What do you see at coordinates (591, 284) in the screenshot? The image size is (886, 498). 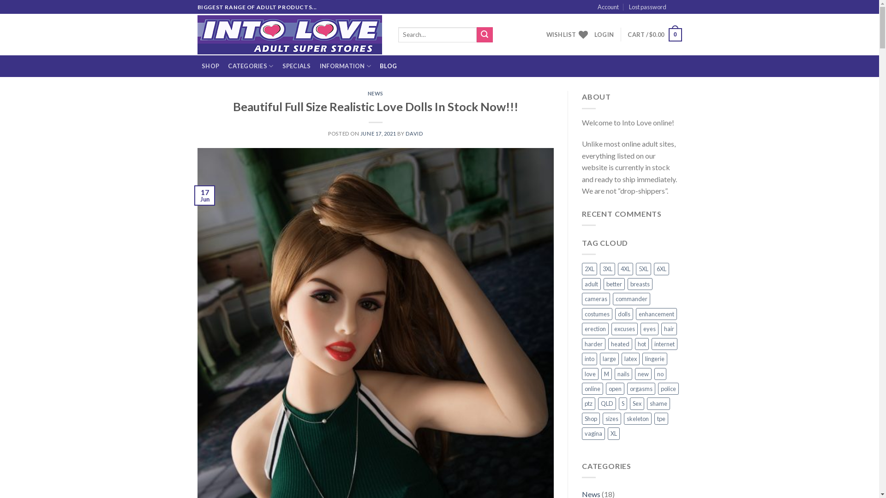 I see `'adult'` at bounding box center [591, 284].